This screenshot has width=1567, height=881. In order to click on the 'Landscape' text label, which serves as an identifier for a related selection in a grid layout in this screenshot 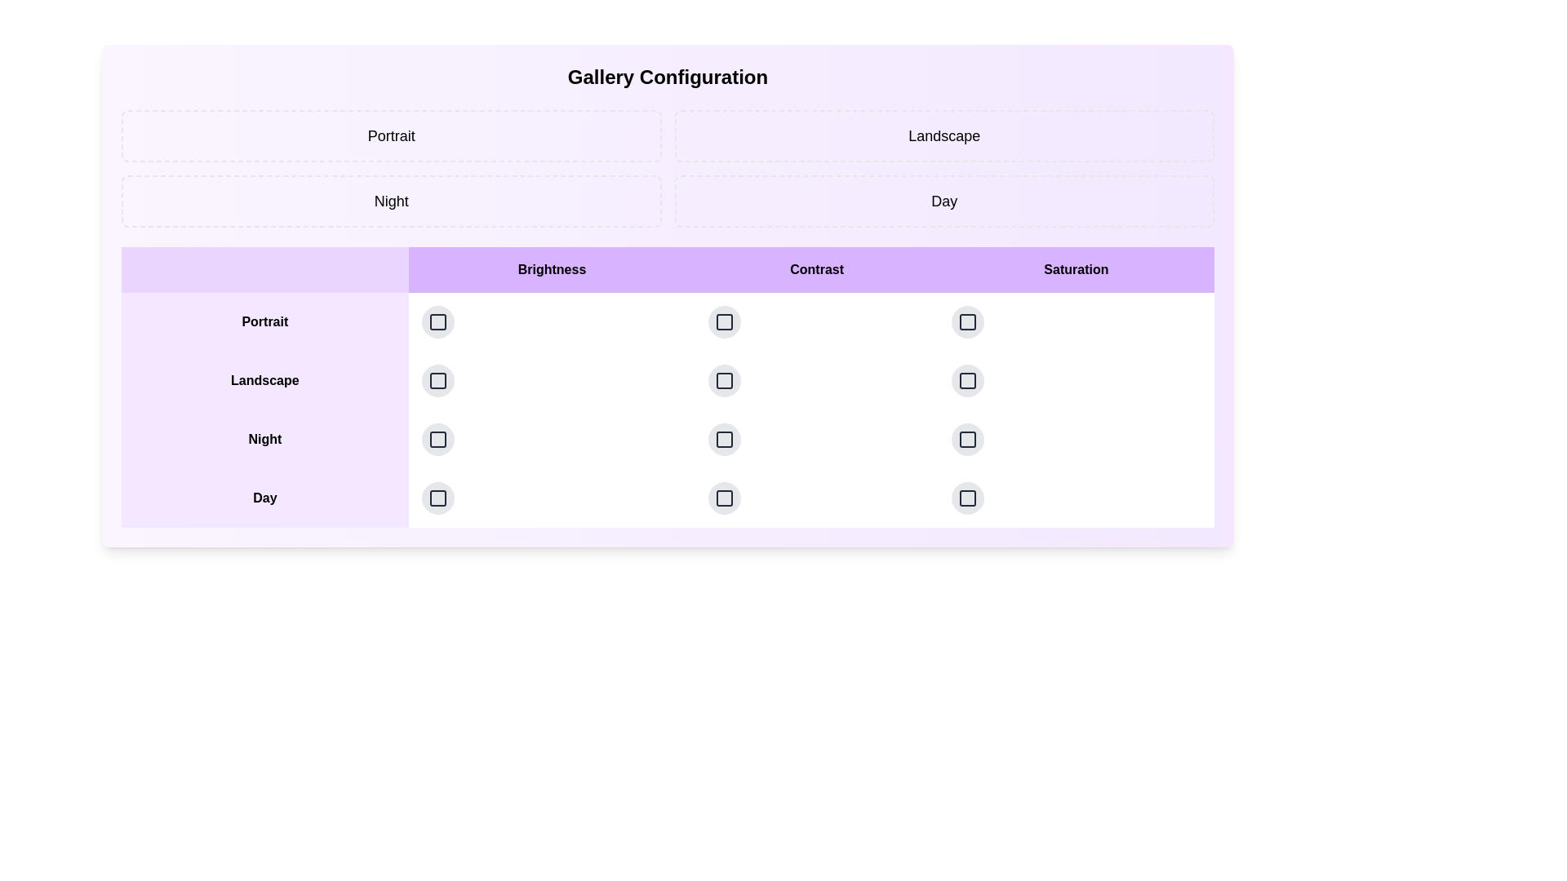, I will do `click(944, 135)`.